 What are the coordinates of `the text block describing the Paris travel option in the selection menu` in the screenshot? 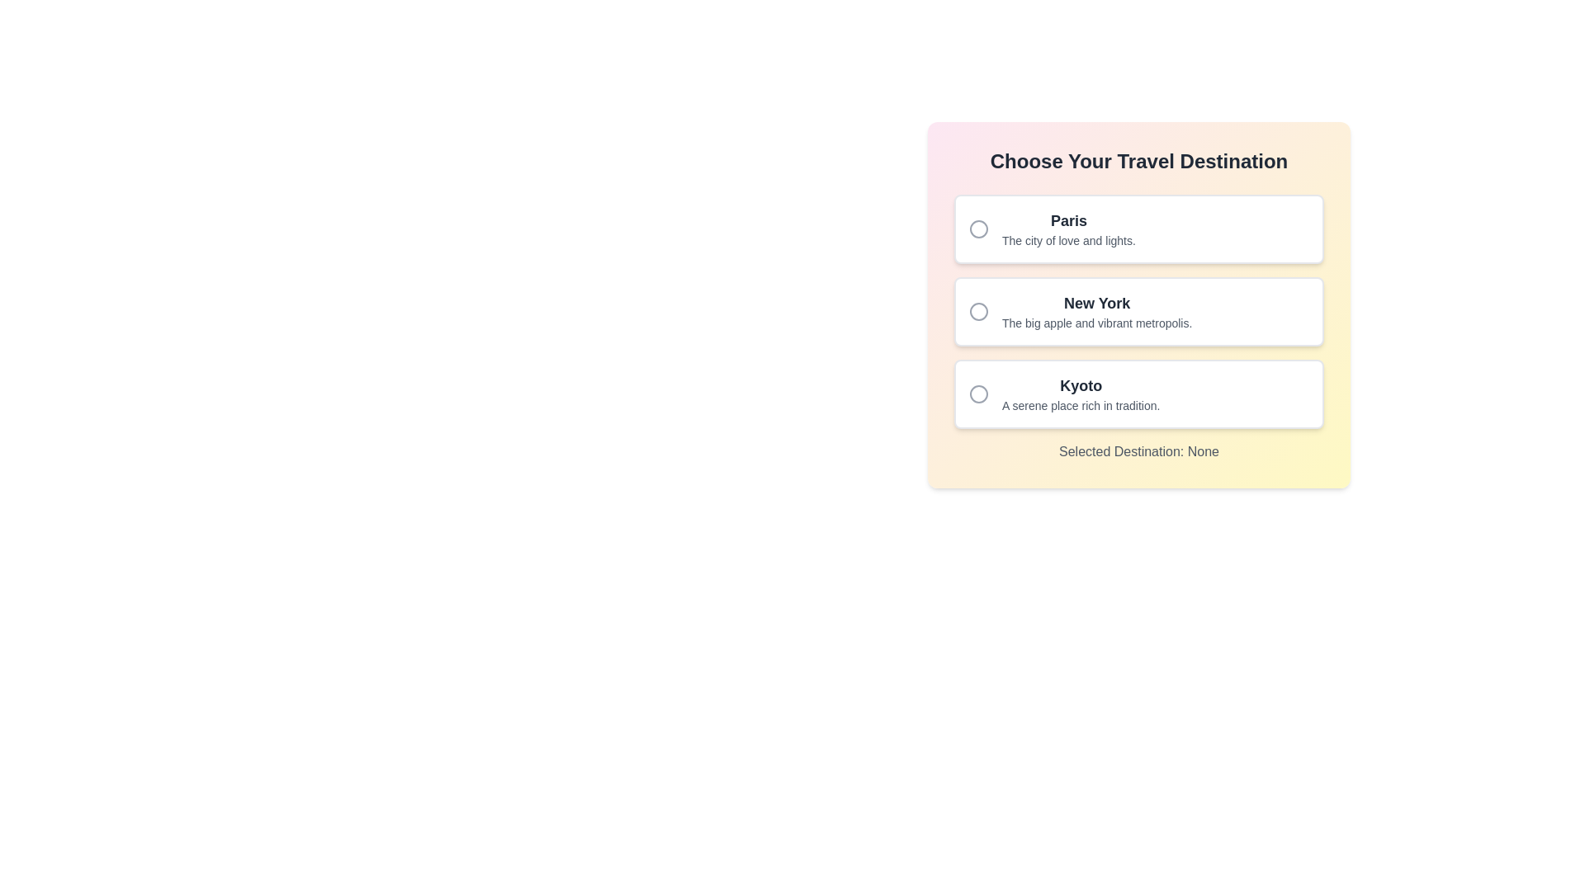 It's located at (1068, 229).